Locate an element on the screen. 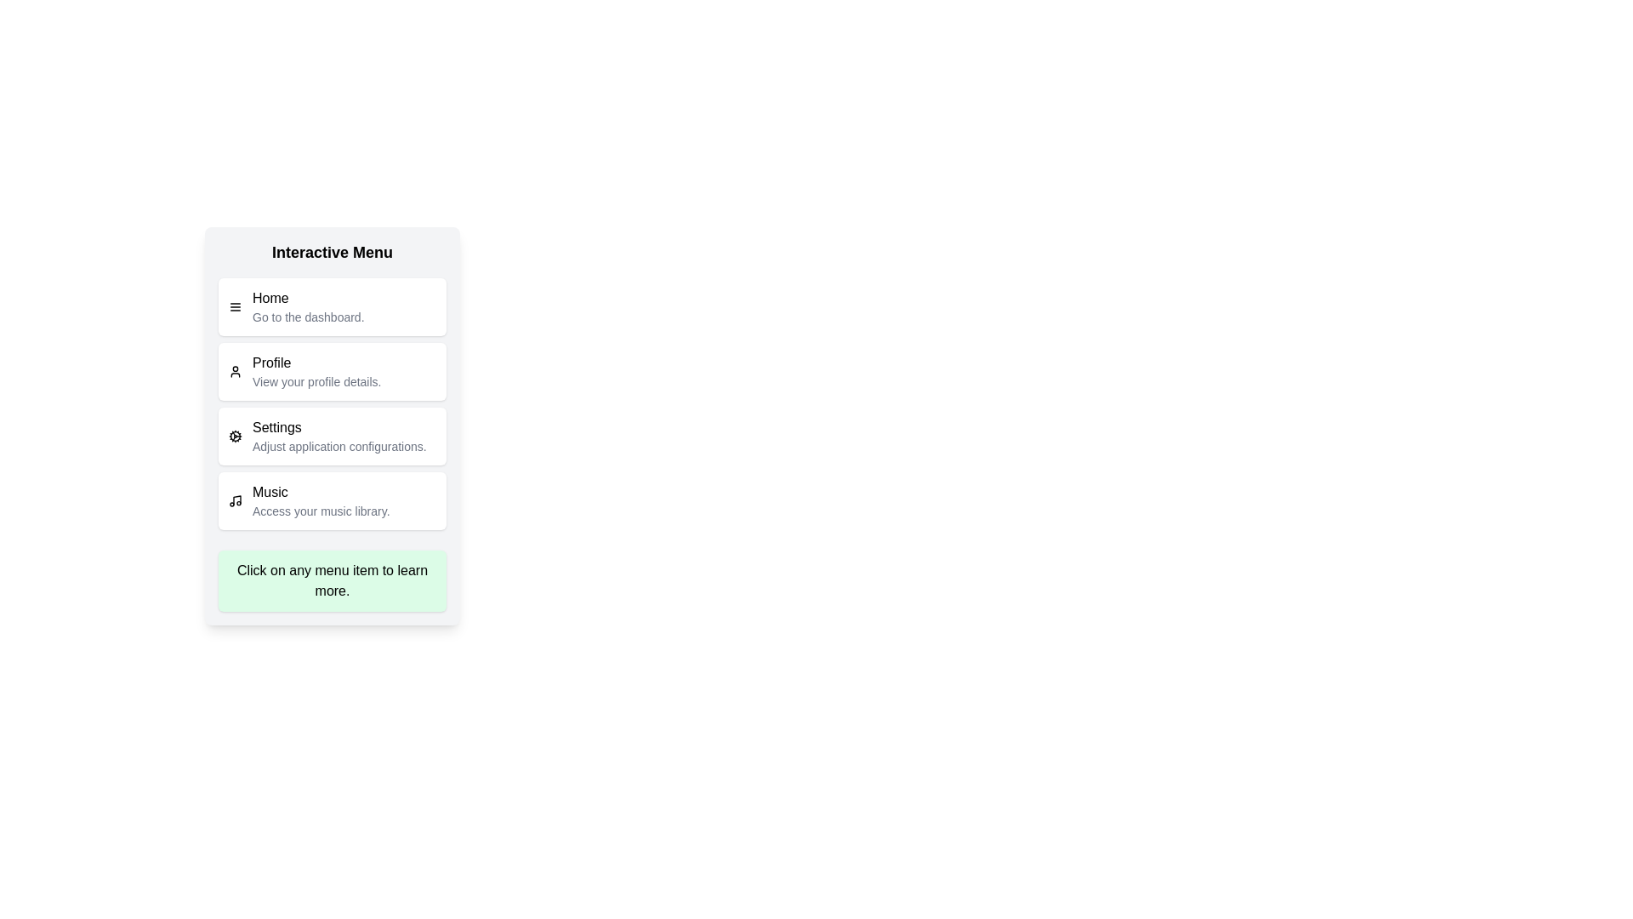 This screenshot has height=919, width=1633. the title of the 'Interactive Menu' for inspection is located at coordinates (332, 253).